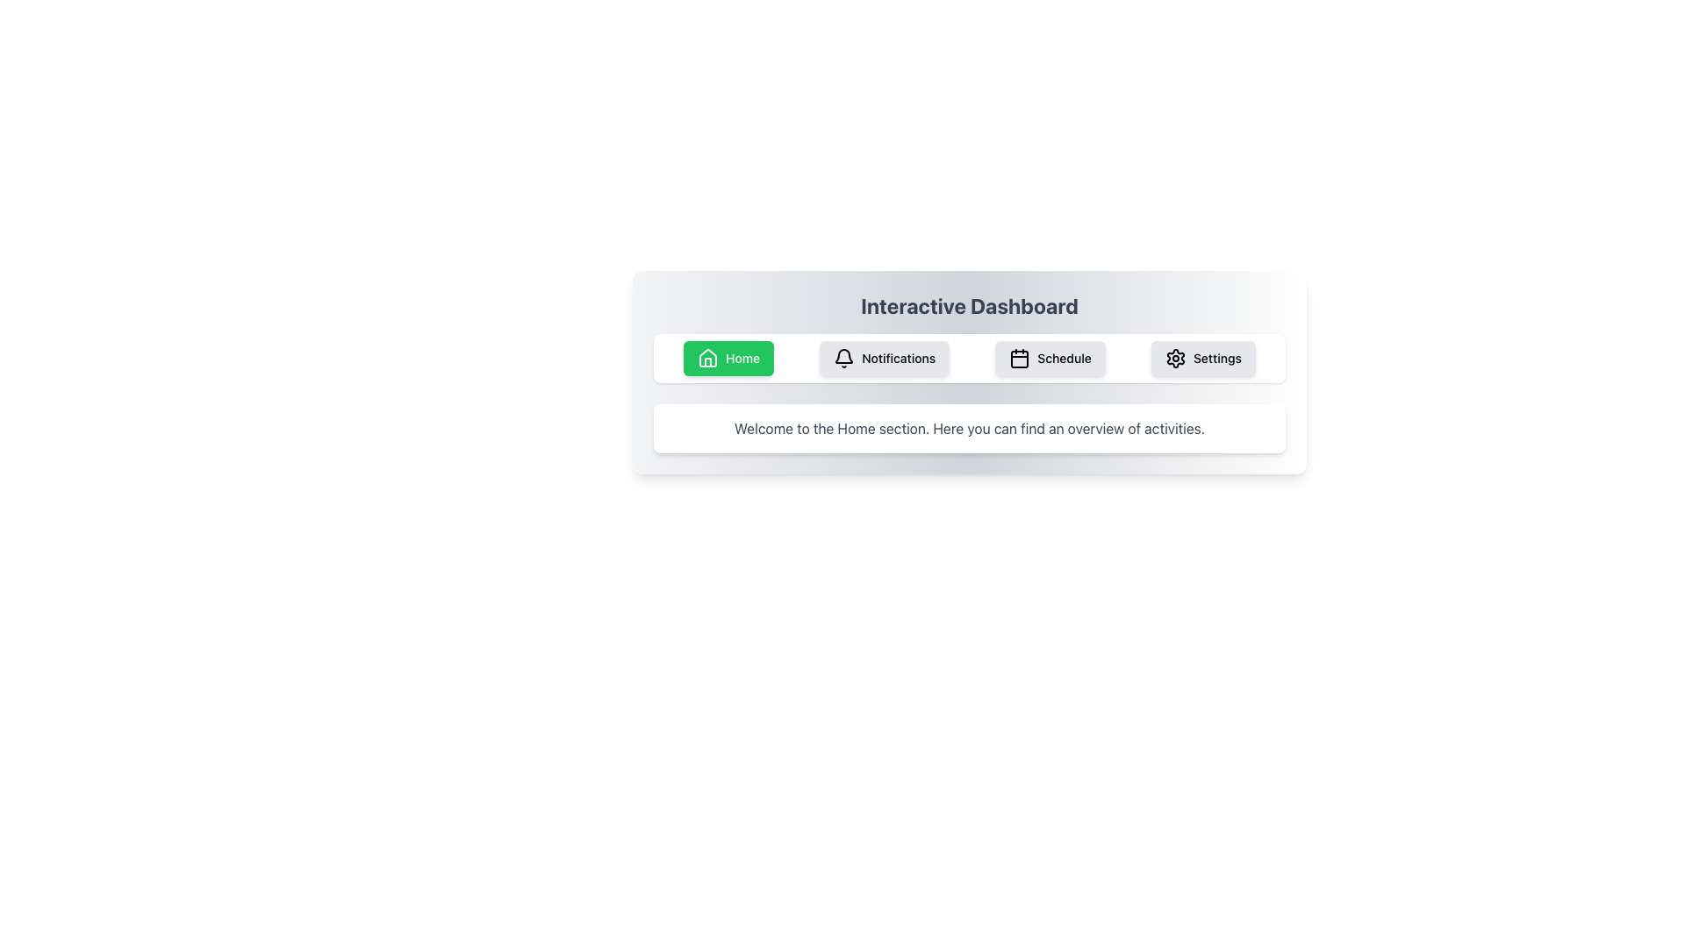  I want to click on the house icon in the navigation bar, so click(707, 357).